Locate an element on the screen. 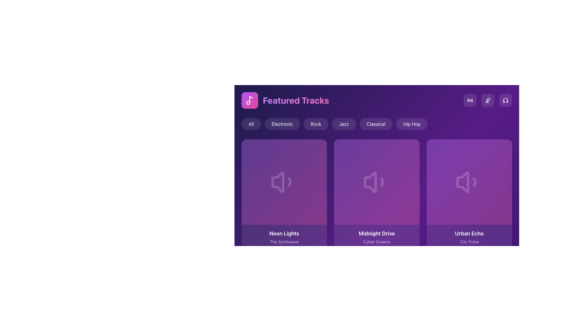 The height and width of the screenshot is (319, 567). the decorative vector graphic representing audio within the 'Midnight Drive - Cyber Dreams' card interface is located at coordinates (370, 182).